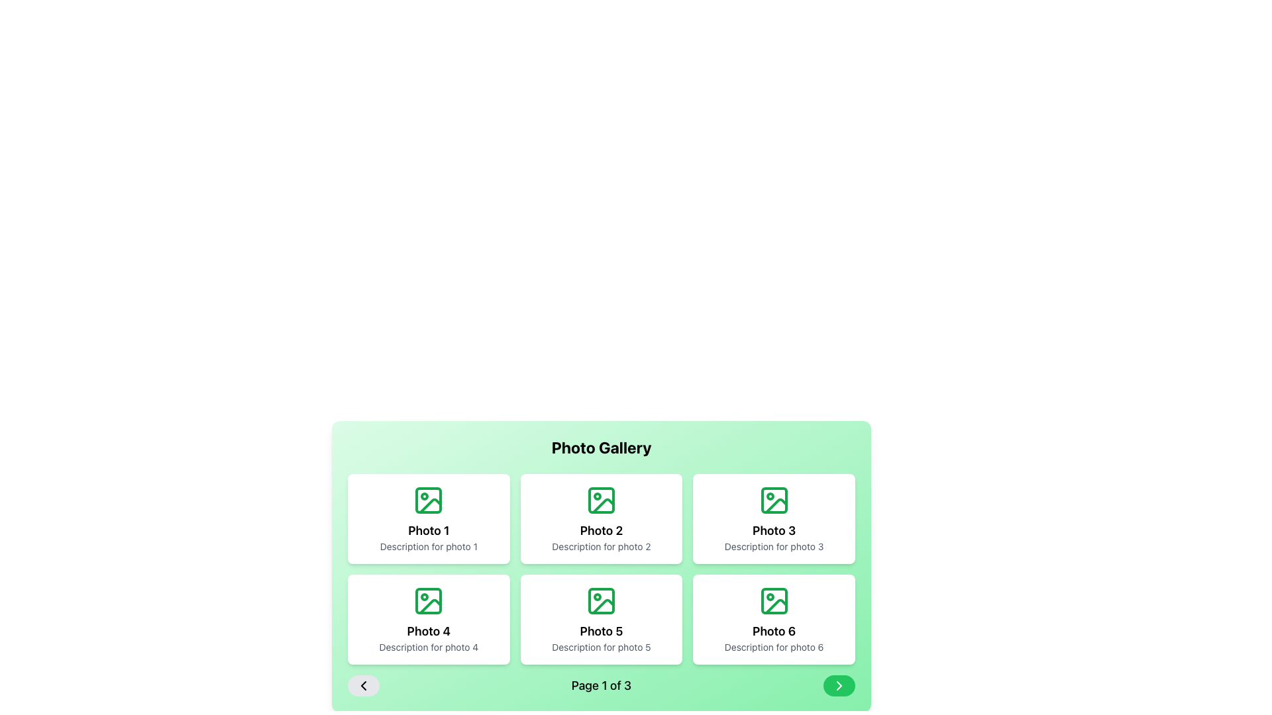 The width and height of the screenshot is (1272, 715). What do you see at coordinates (839, 685) in the screenshot?
I see `the pagination control button located at the bottom-right corner of the pagination section, adjacent to the text label 'Page 1 of 3', for keyboard navigation` at bounding box center [839, 685].